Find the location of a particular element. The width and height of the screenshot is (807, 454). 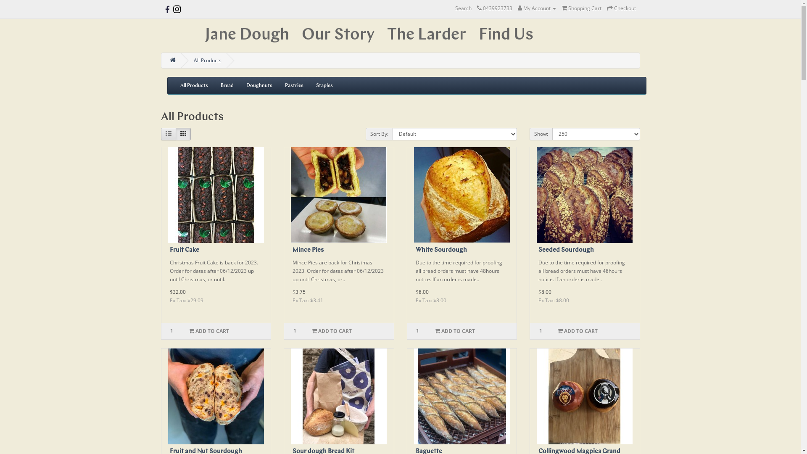

'My Account' is located at coordinates (536, 8).